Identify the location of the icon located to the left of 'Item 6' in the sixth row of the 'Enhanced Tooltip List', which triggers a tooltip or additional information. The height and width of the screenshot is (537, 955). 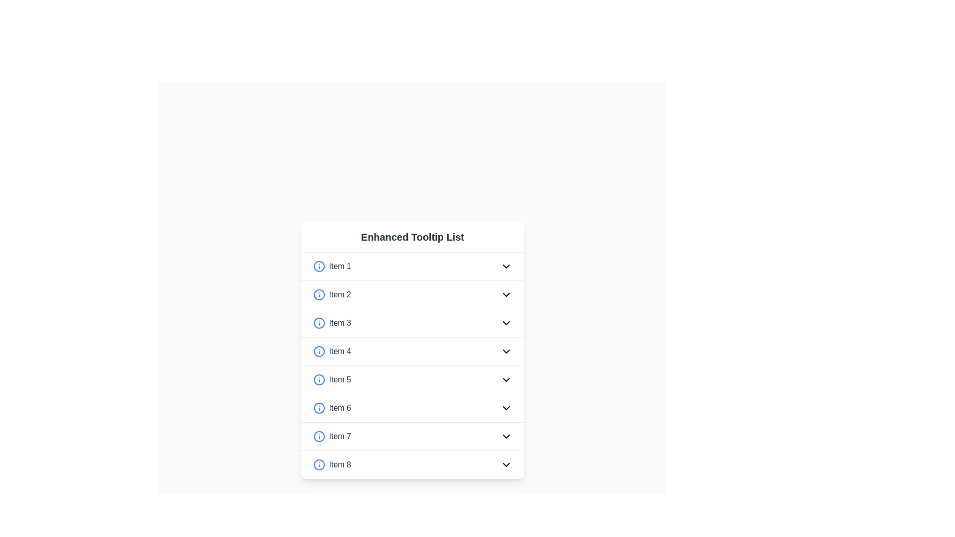
(319, 408).